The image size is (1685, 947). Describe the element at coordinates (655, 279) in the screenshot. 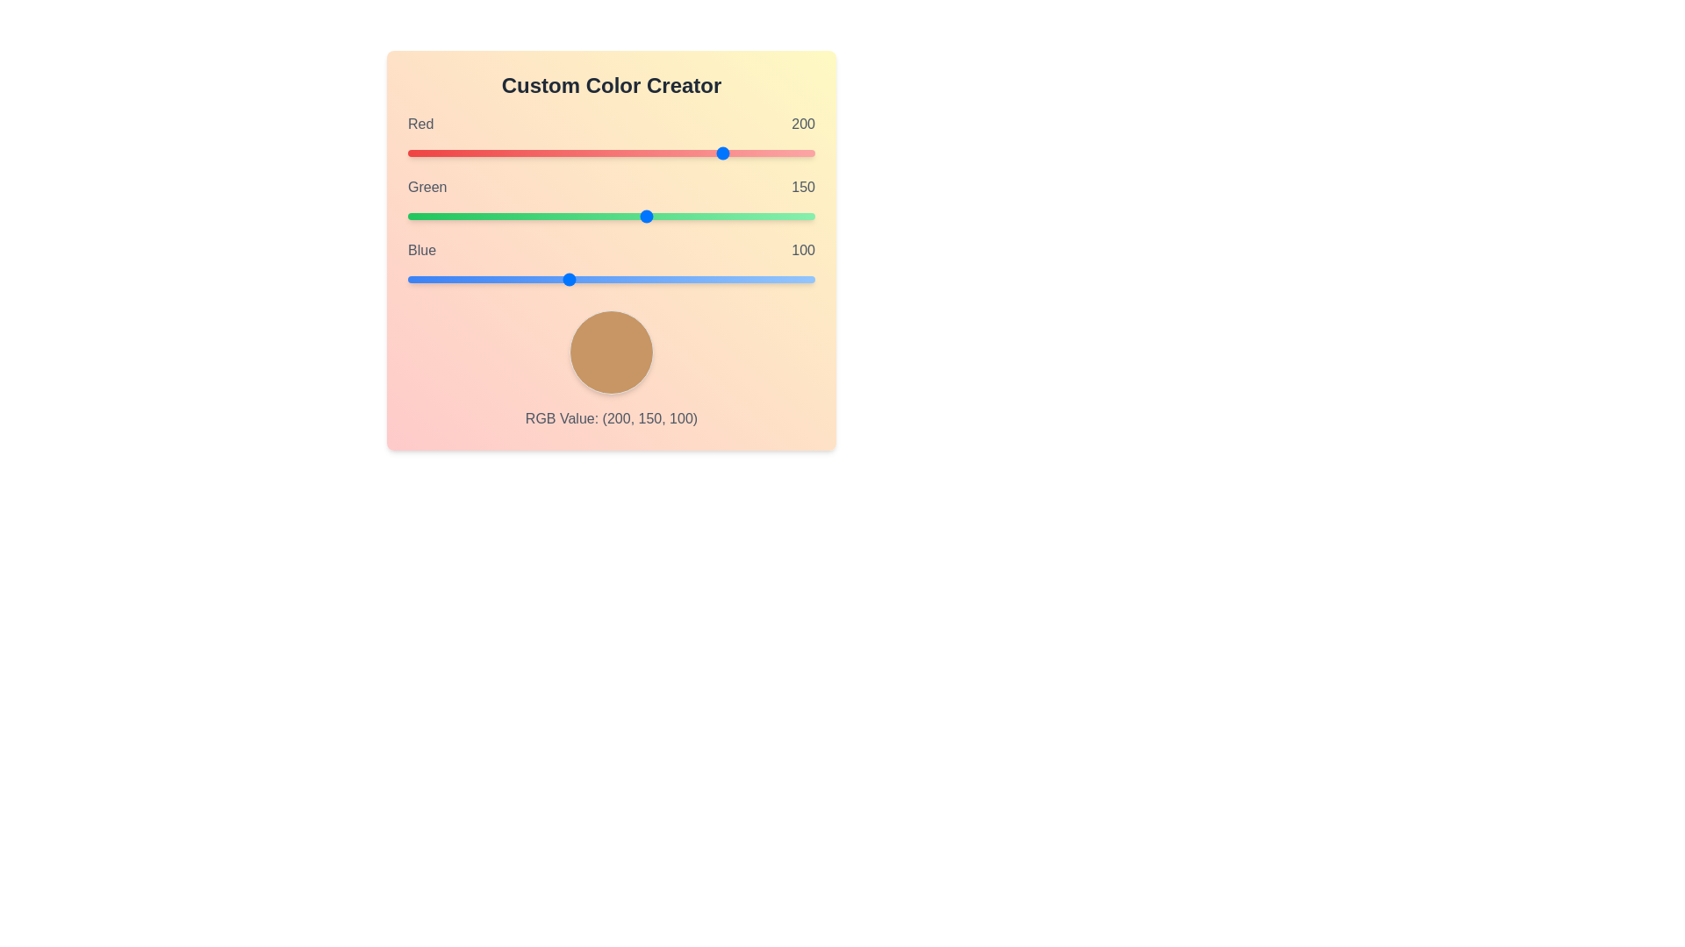

I see `the blue slider to set the blue value to 155` at that location.